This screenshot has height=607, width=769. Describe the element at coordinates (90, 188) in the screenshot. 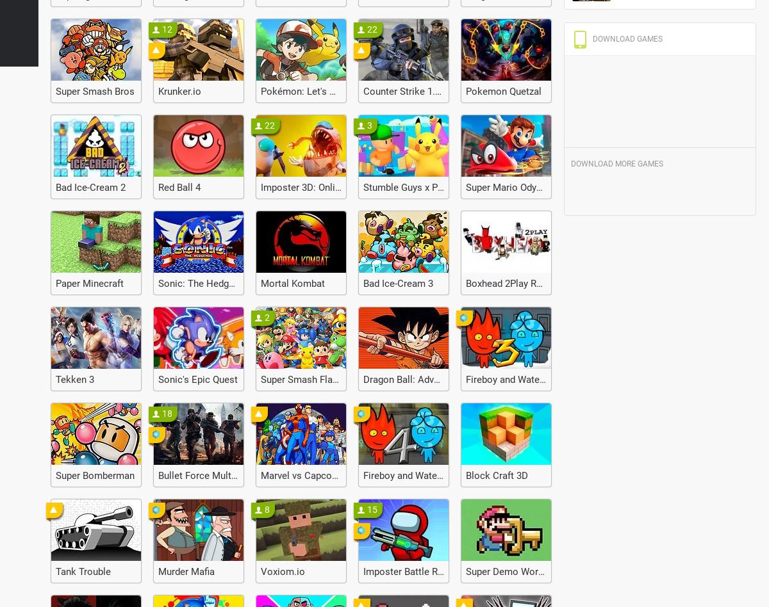

I see `'Bad Ice-Cream 2'` at that location.